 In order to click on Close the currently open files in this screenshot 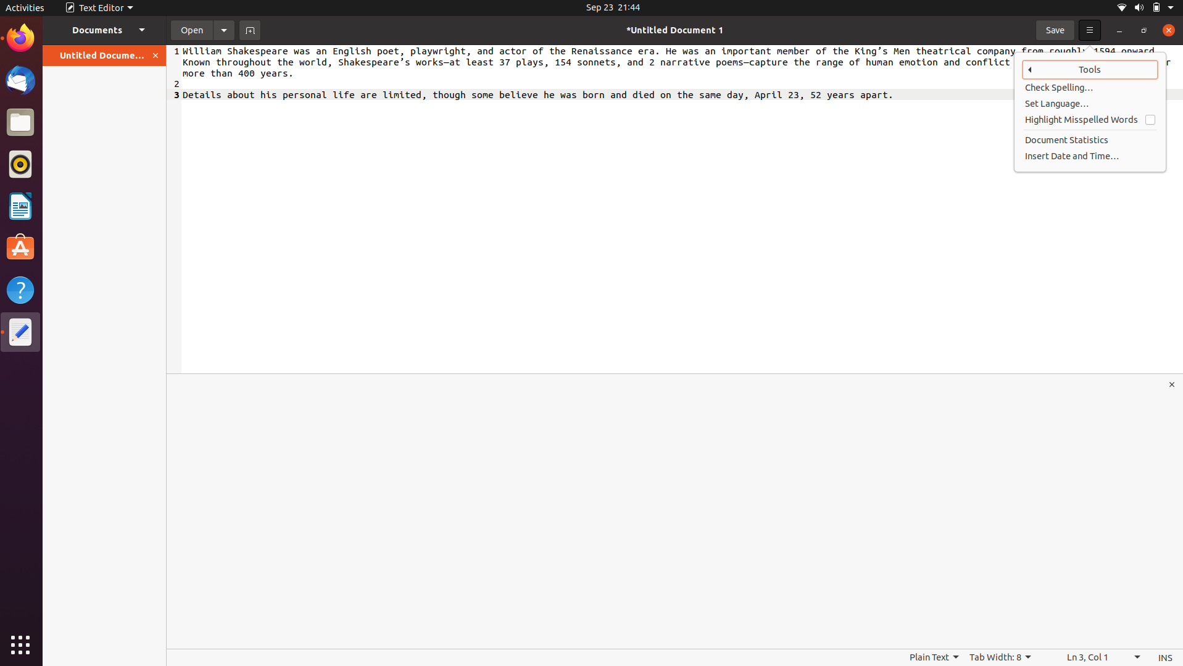, I will do `click(156, 55)`.